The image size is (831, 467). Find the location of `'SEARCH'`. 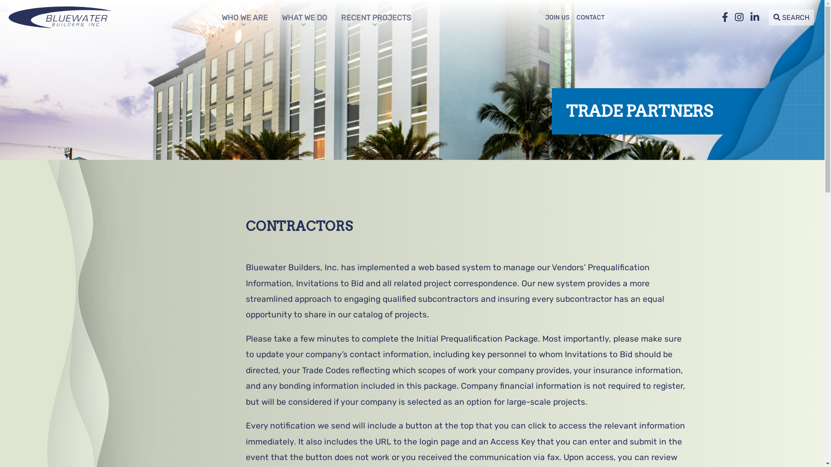

'SEARCH' is located at coordinates (791, 17).